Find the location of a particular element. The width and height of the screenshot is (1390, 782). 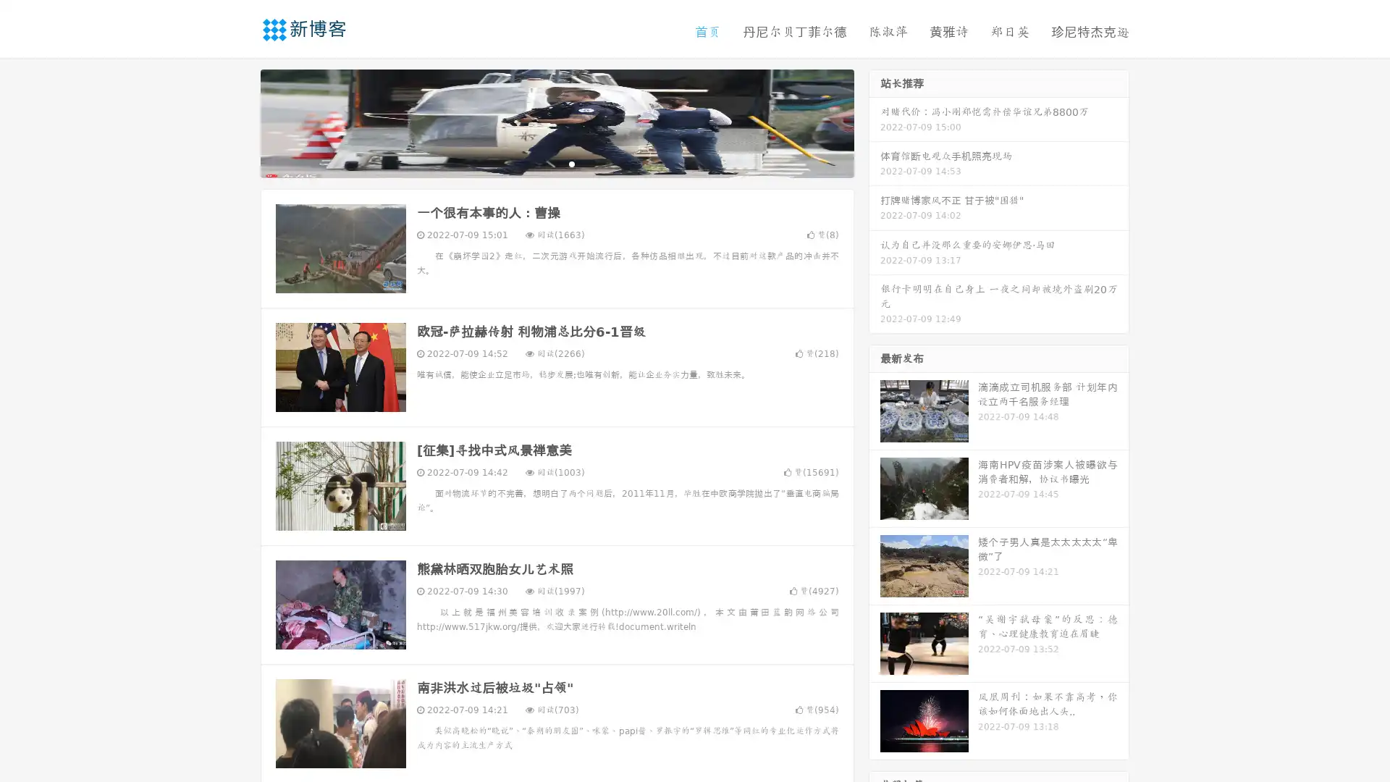

Go to slide 2 is located at coordinates (556, 163).